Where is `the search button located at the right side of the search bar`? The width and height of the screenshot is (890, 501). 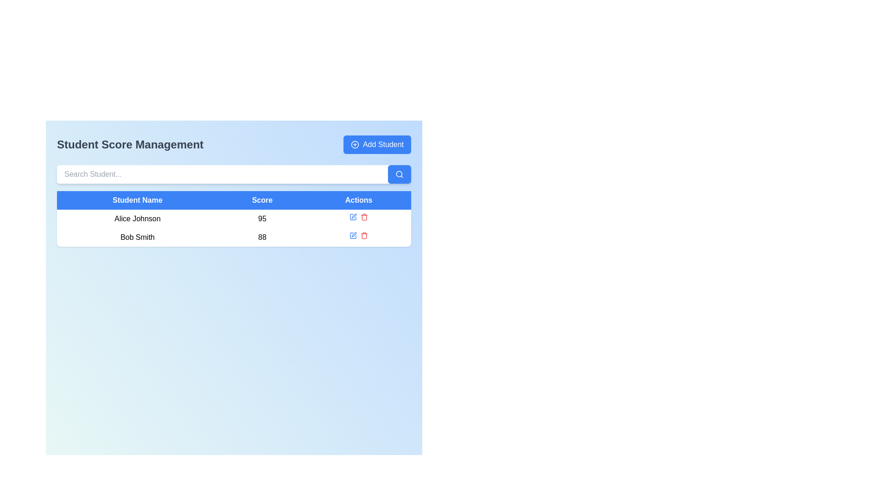
the search button located at the right side of the search bar is located at coordinates (400, 174).